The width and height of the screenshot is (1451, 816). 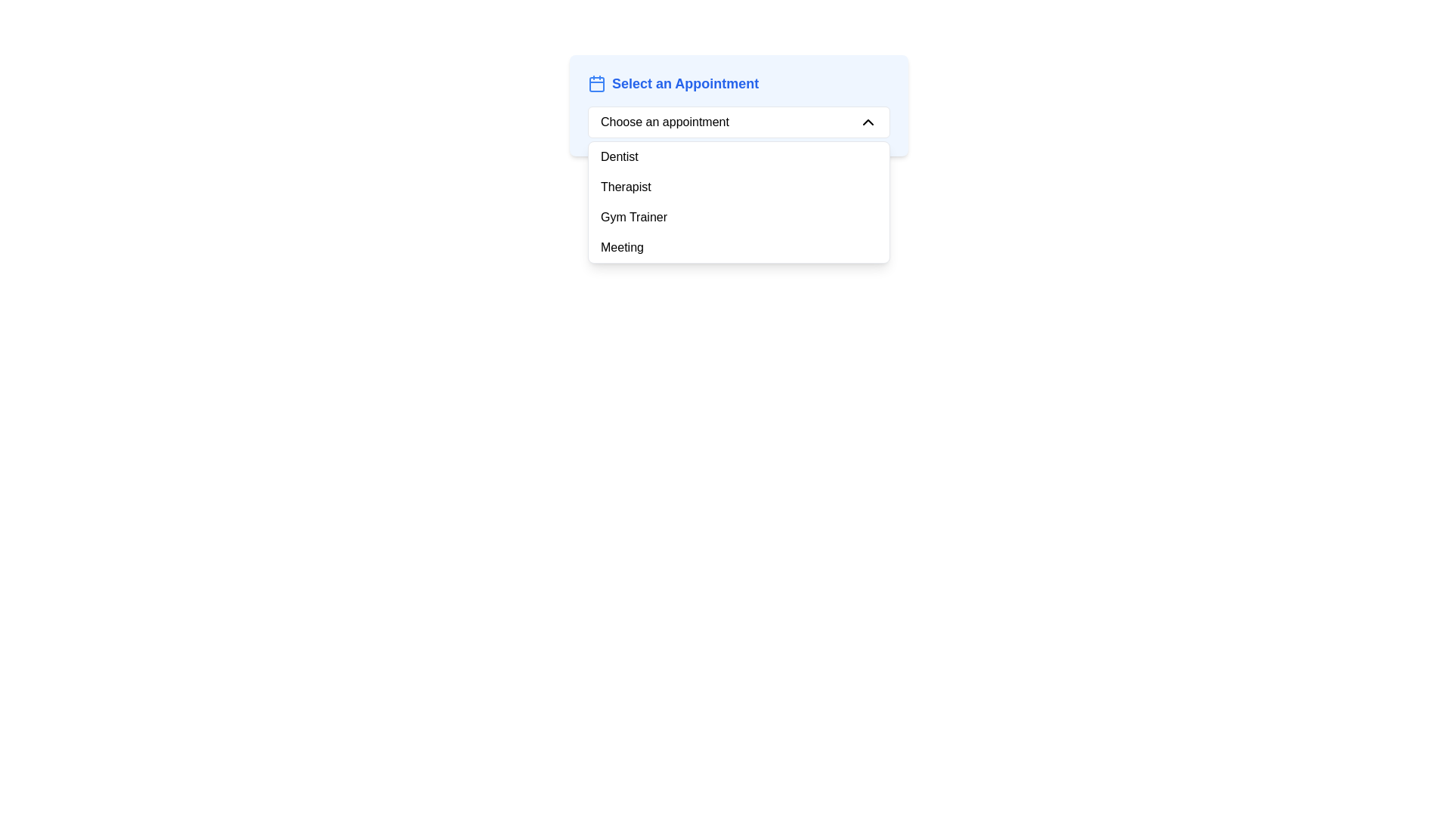 What do you see at coordinates (739, 104) in the screenshot?
I see `an appointment option from the centrally positioned dropdown menu in the Panel with embedded dropdown and list` at bounding box center [739, 104].